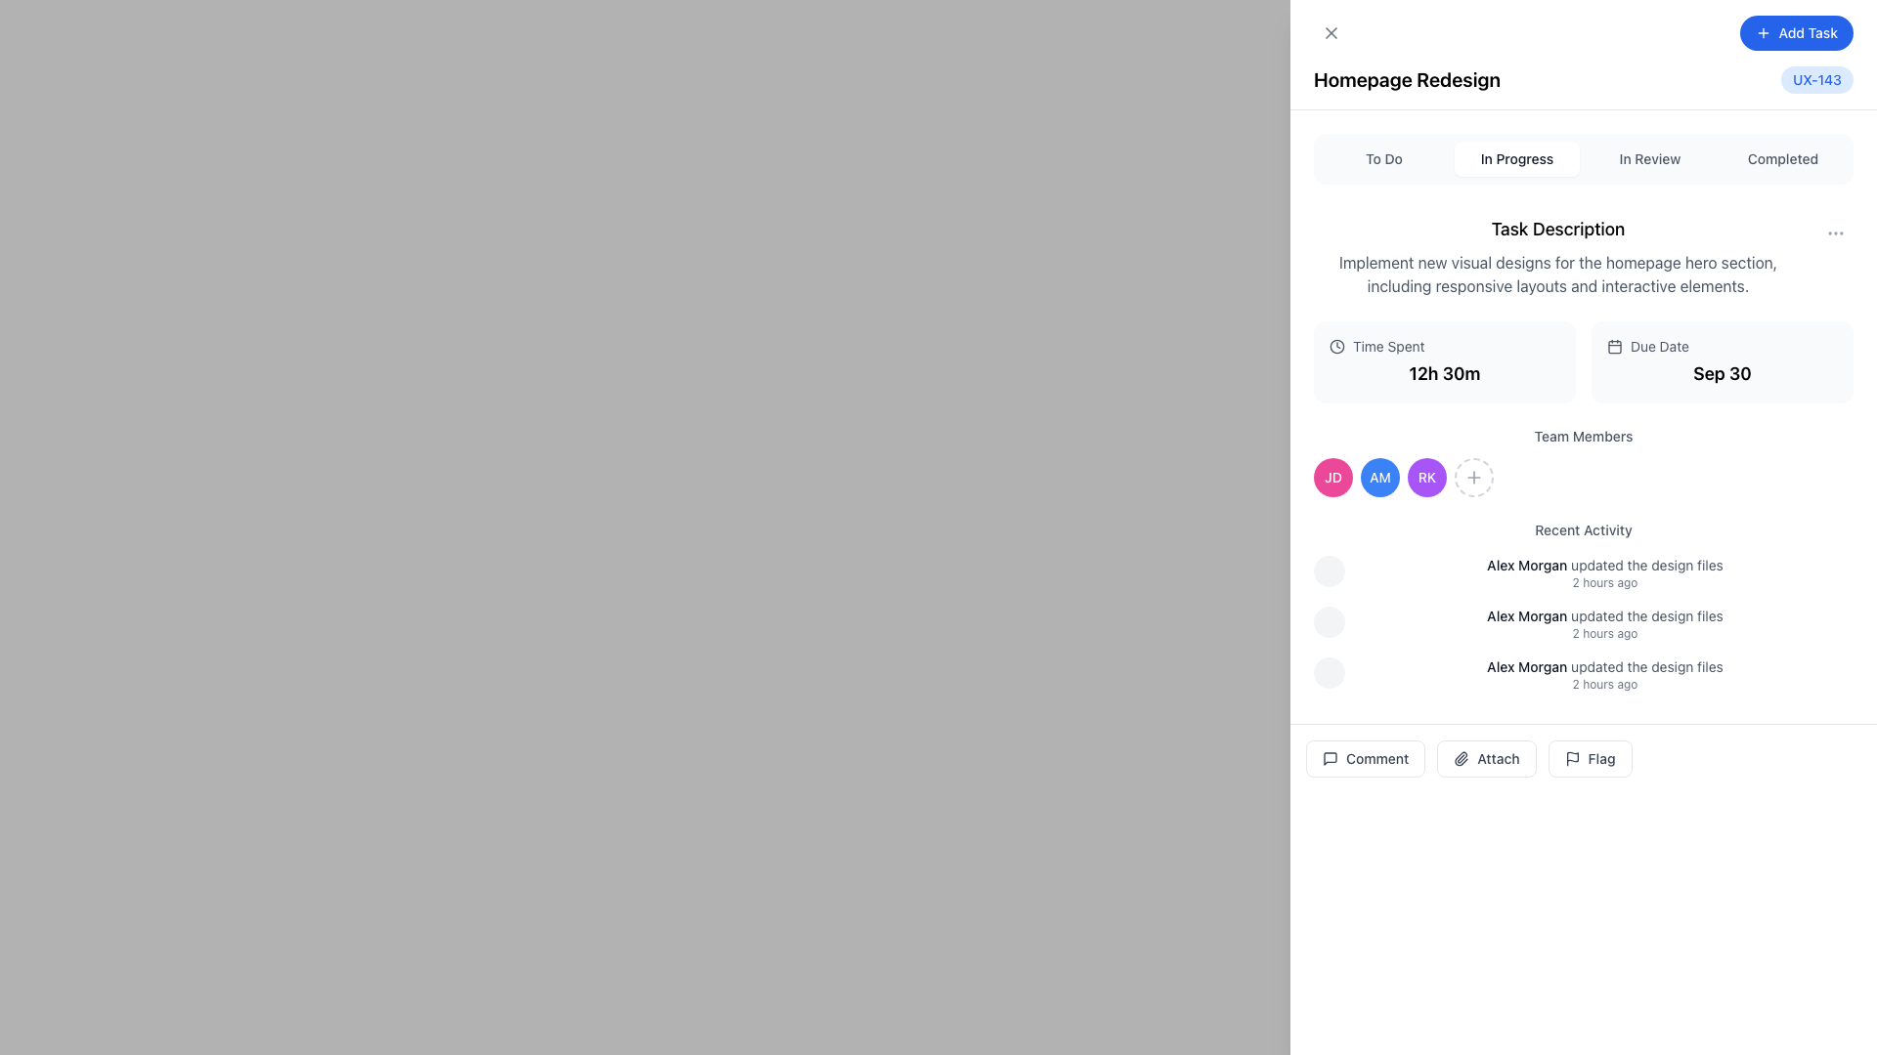  I want to click on text of the second activity log entry in the 'Recent Activity' list, which shows 'Alex Morgan updated the design files' and '2 hours ago', so click(1584, 624).